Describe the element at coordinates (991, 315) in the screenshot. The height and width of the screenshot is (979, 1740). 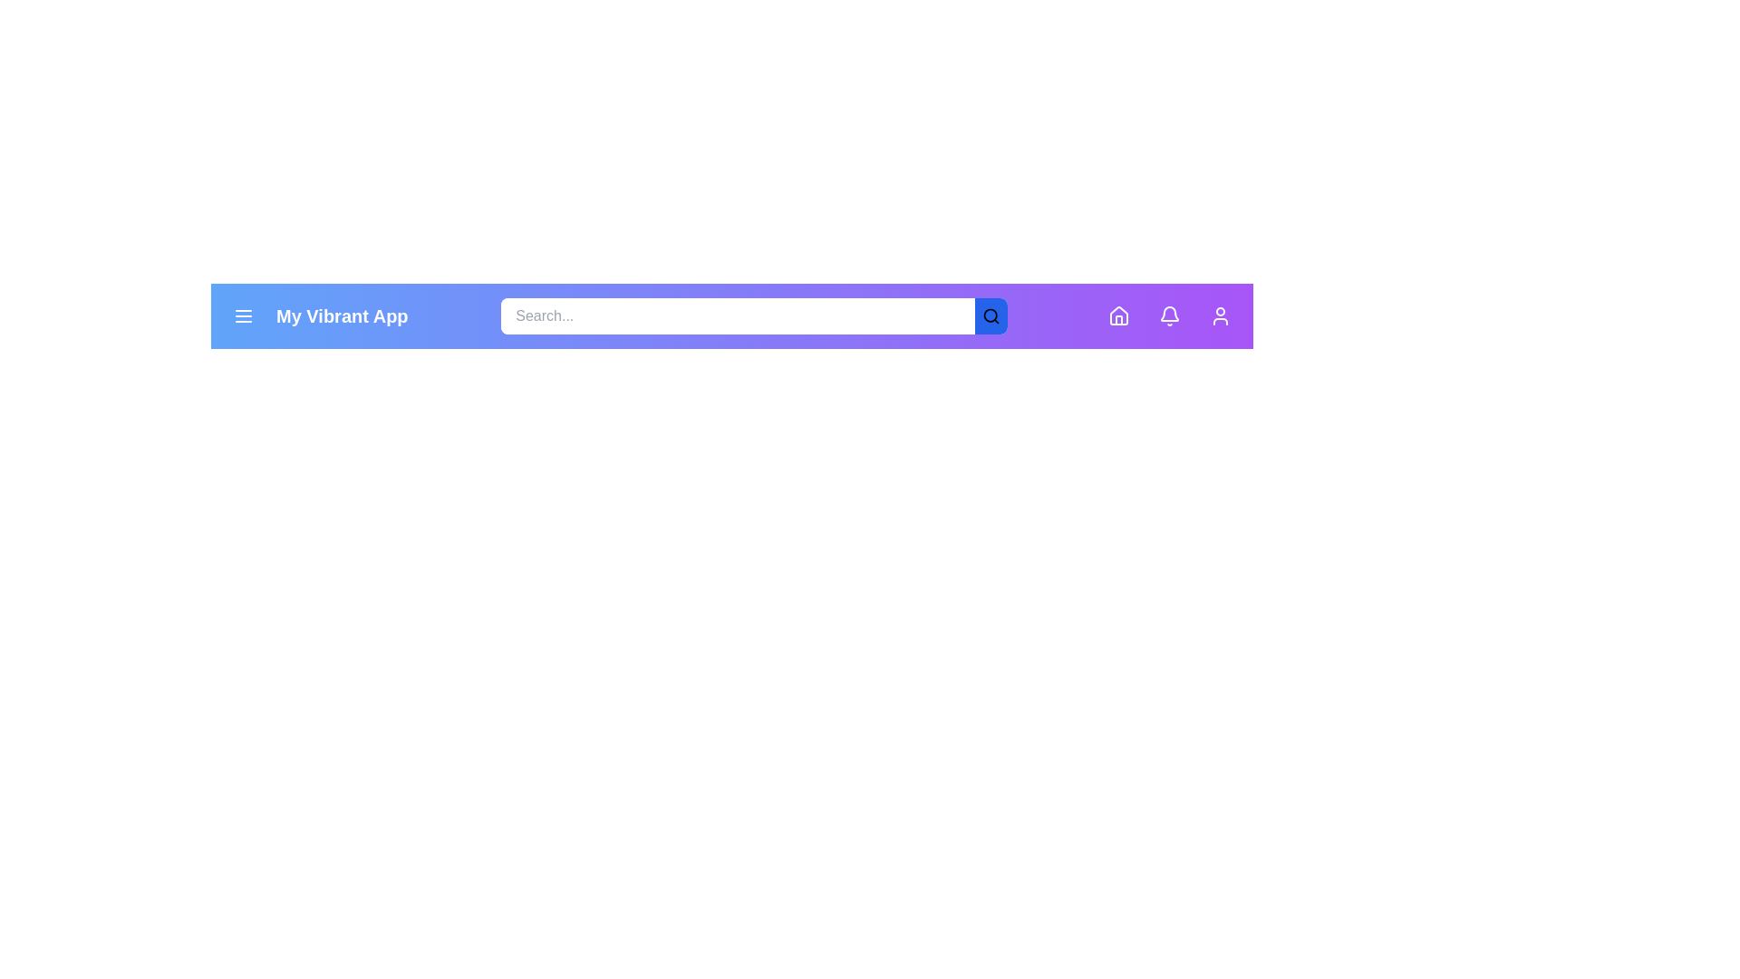
I see `the search button to submit the search query` at that location.